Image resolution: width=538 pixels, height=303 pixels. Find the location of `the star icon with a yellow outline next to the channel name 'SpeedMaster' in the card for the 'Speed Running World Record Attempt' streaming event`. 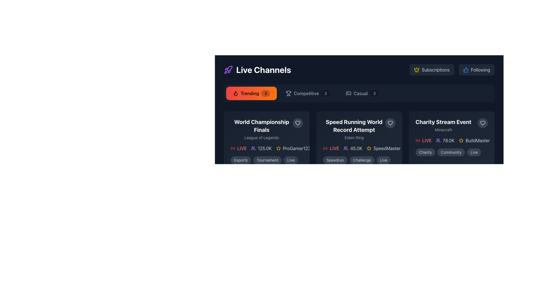

the star icon with a yellow outline next to the channel name 'SpeedMaster' in the card for the 'Speed Running World Record Attempt' streaming event is located at coordinates (369, 148).